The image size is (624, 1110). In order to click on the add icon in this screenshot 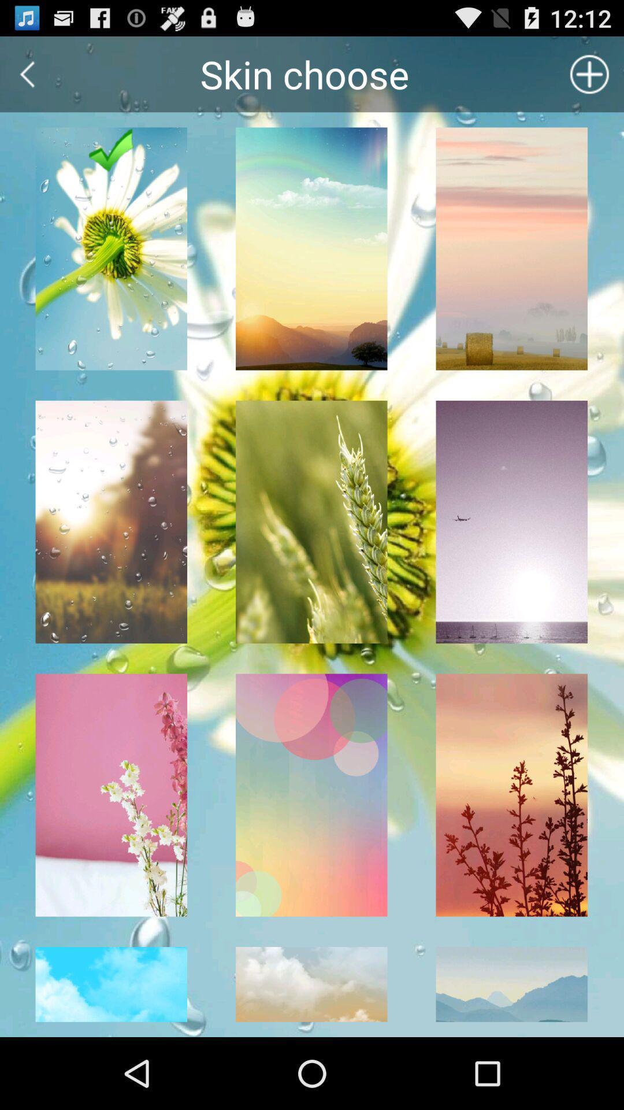, I will do `click(589, 79)`.